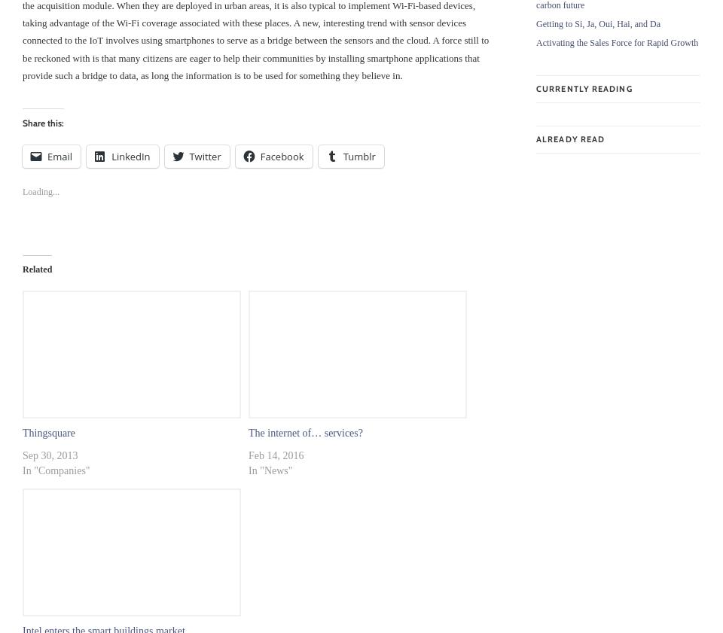 Image resolution: width=723 pixels, height=633 pixels. What do you see at coordinates (188, 155) in the screenshot?
I see `'Twitter'` at bounding box center [188, 155].